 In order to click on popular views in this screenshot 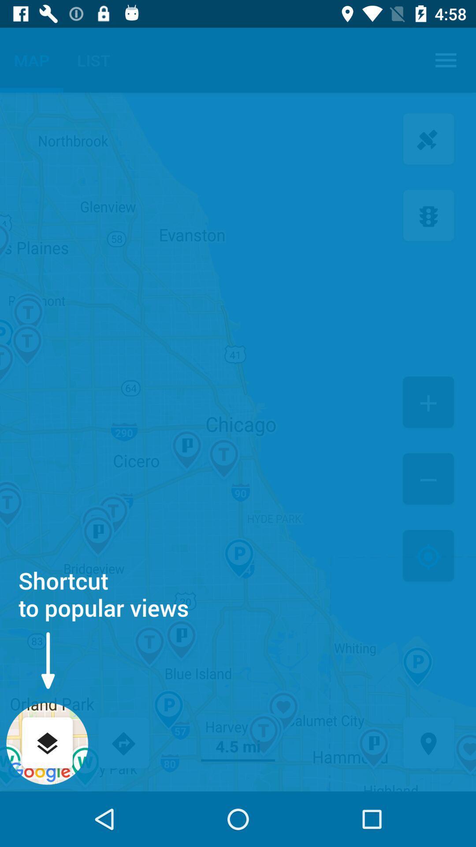, I will do `click(47, 743)`.